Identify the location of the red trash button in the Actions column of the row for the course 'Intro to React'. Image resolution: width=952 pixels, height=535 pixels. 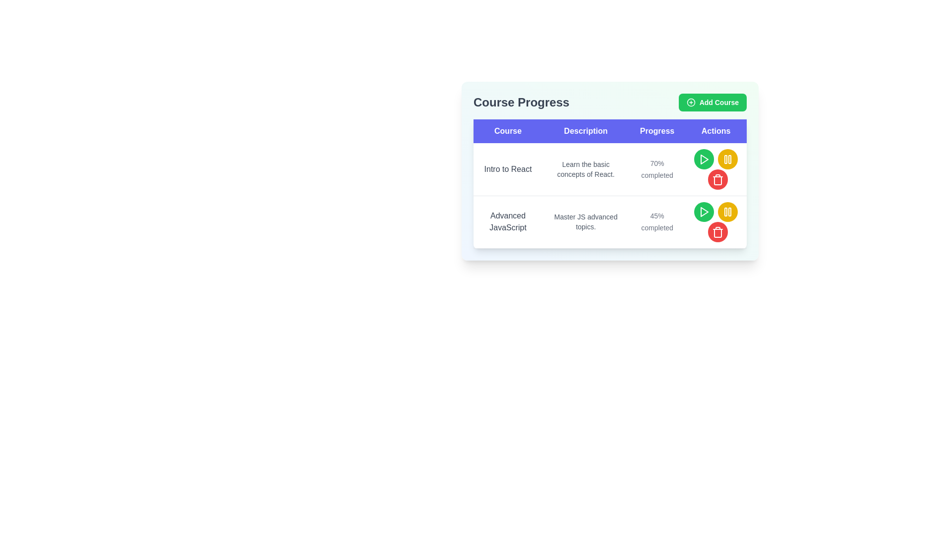
(716, 169).